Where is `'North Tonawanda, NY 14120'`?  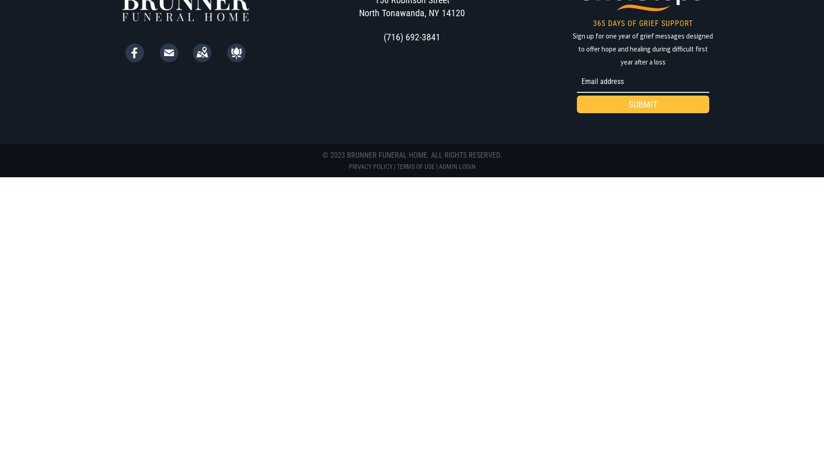 'North Tonawanda, NY 14120' is located at coordinates (412, 13).